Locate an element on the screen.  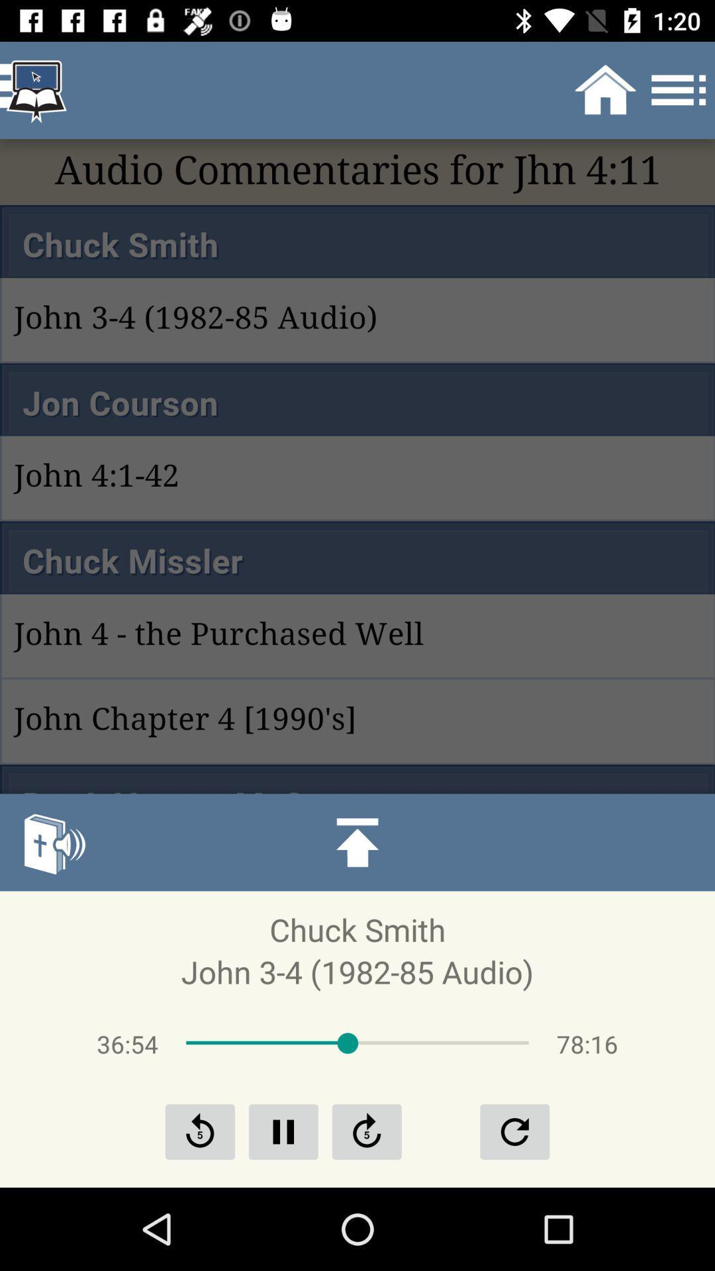
refresh this page is located at coordinates (367, 1131).